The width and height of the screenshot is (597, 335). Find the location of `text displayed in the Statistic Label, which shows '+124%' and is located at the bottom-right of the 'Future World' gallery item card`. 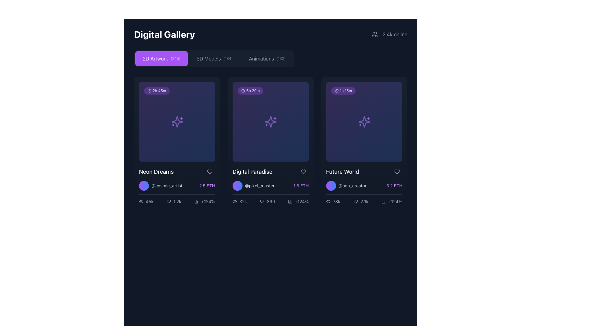

text displayed in the Statistic Label, which shows '+124%' and is located at the bottom-right of the 'Future World' gallery item card is located at coordinates (391, 202).